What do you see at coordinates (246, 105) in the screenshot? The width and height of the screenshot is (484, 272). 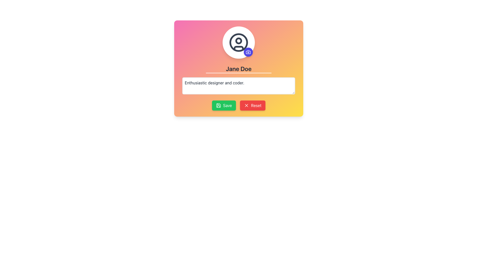 I see `the close icon within the Reset button to reset the form` at bounding box center [246, 105].